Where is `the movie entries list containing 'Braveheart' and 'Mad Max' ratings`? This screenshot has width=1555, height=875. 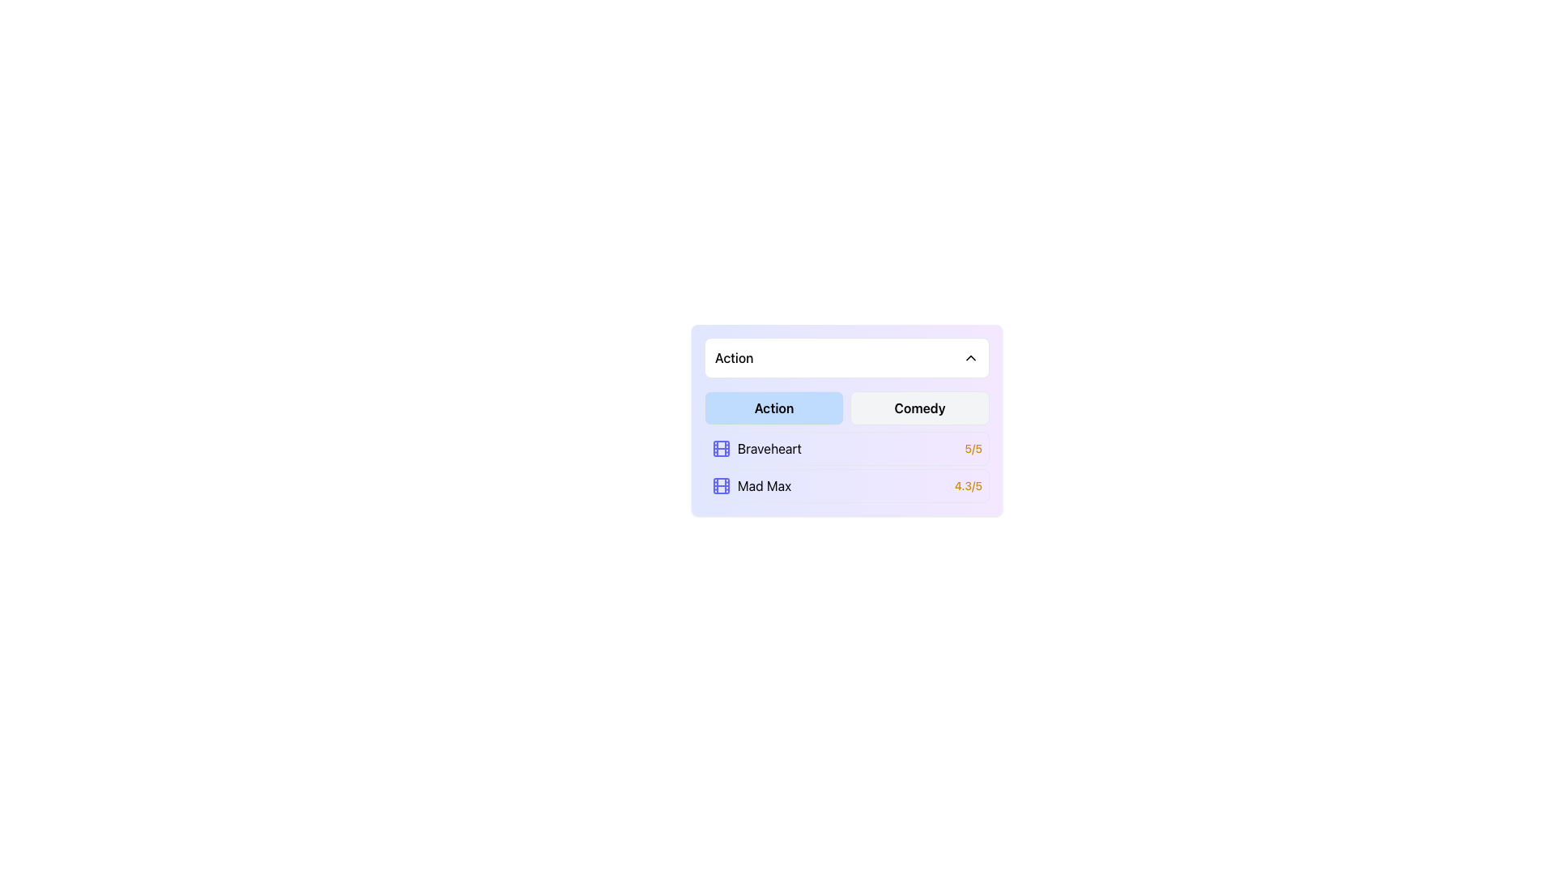 the movie entries list containing 'Braveheart' and 'Mad Max' ratings is located at coordinates (846, 467).